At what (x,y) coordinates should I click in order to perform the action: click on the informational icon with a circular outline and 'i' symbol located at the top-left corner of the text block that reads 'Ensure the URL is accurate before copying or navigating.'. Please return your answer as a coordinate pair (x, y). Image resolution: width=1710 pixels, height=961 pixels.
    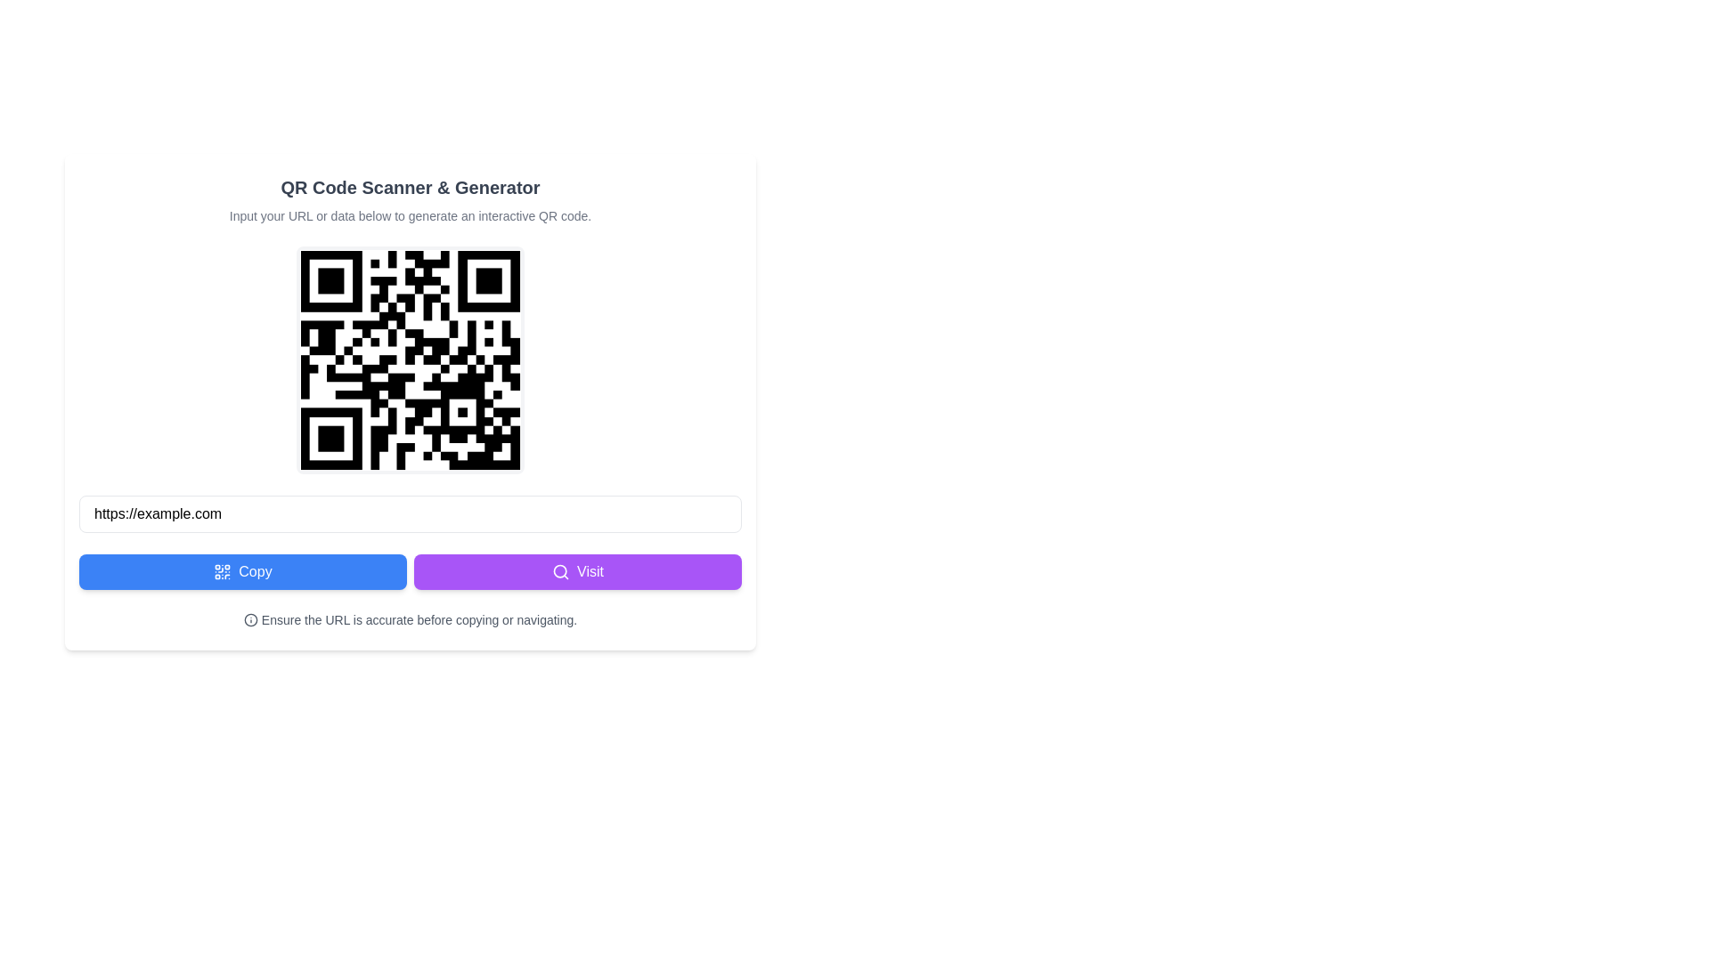
    Looking at the image, I should click on (249, 619).